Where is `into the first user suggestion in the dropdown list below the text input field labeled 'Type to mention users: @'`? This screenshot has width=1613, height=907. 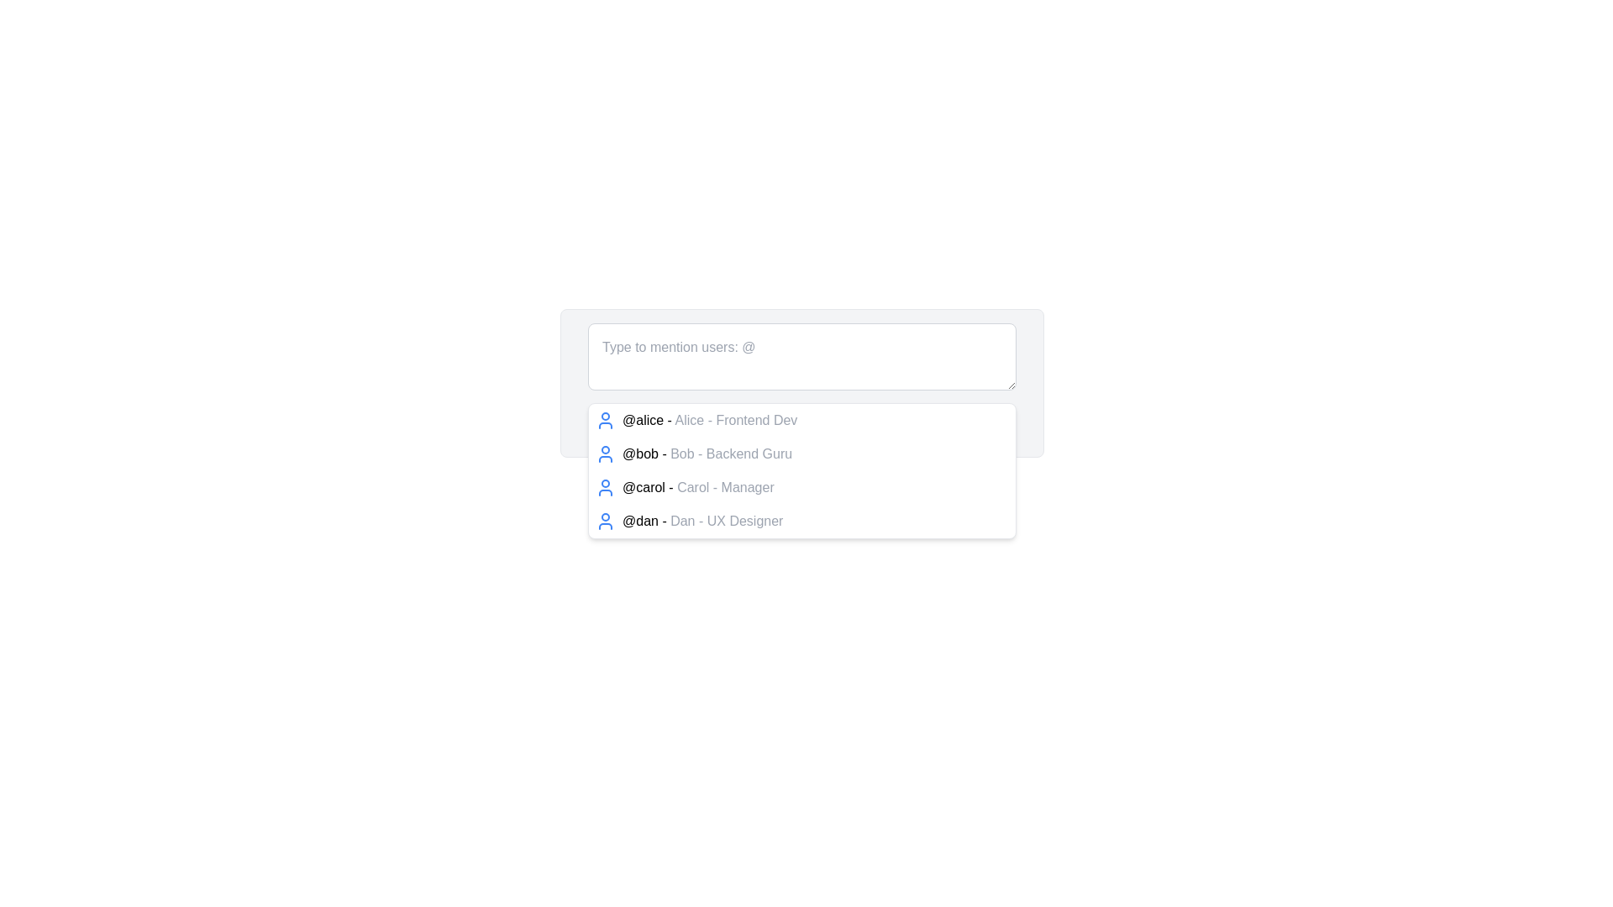
into the first user suggestion in the dropdown list below the text input field labeled 'Type to mention users: @' is located at coordinates (801, 420).